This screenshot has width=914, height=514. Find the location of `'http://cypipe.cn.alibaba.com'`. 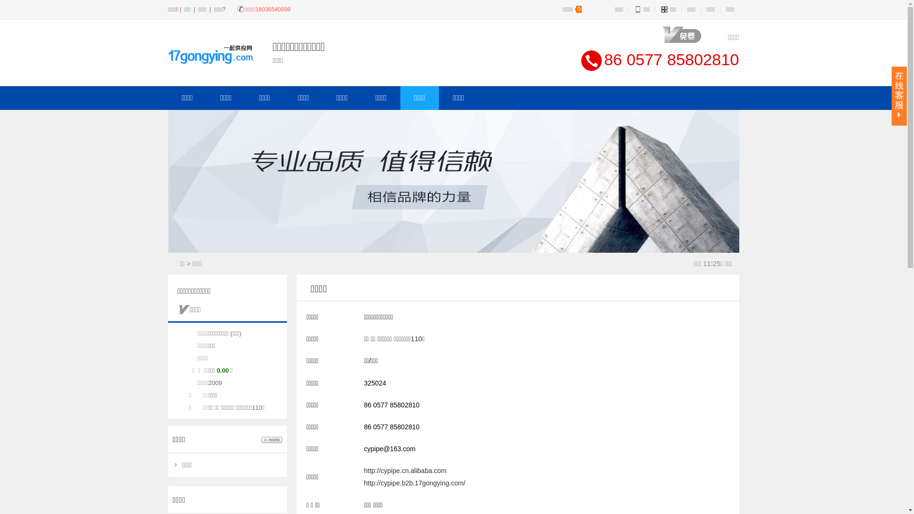

'http://cypipe.cn.alibaba.com' is located at coordinates (405, 470).